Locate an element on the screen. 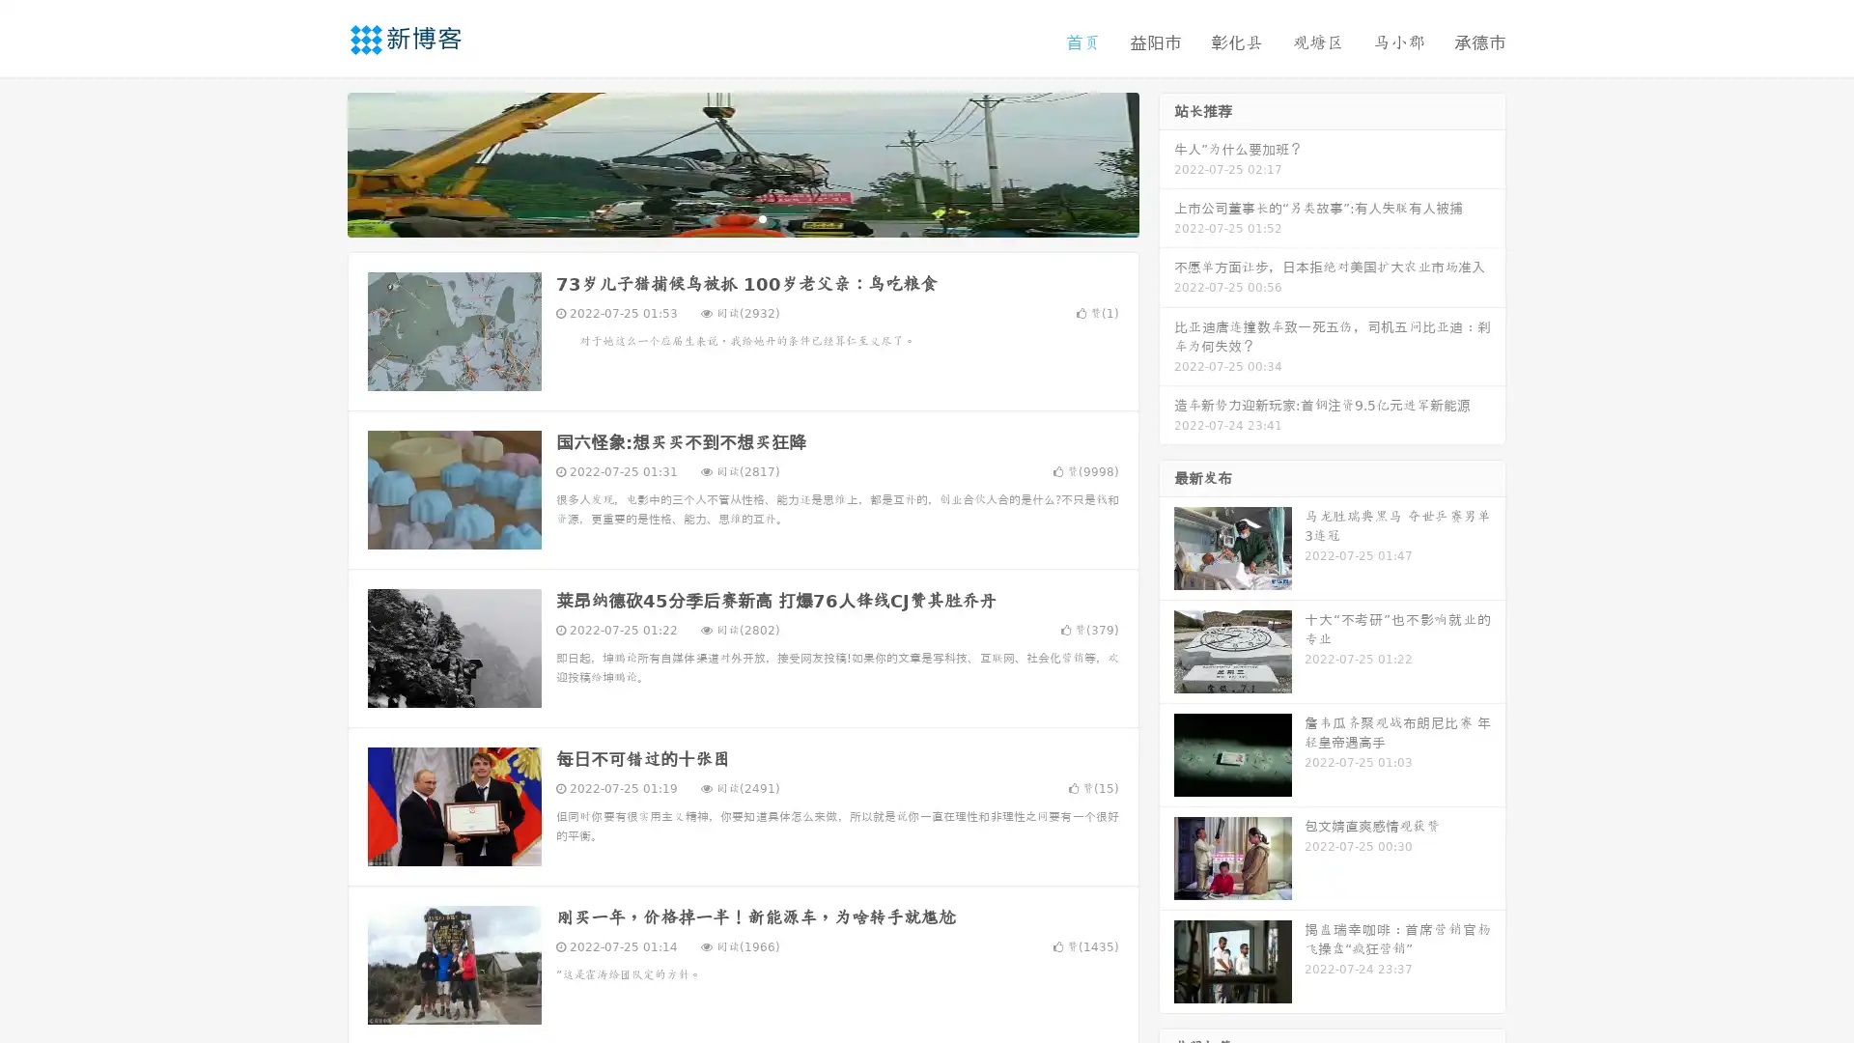 The width and height of the screenshot is (1854, 1043). Previous slide is located at coordinates (319, 162).